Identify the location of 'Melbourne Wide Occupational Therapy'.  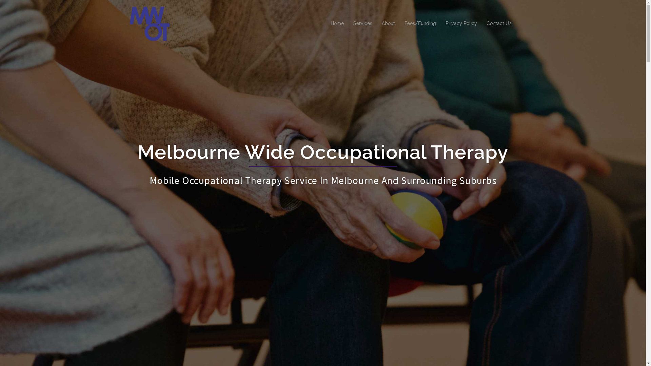
(149, 23).